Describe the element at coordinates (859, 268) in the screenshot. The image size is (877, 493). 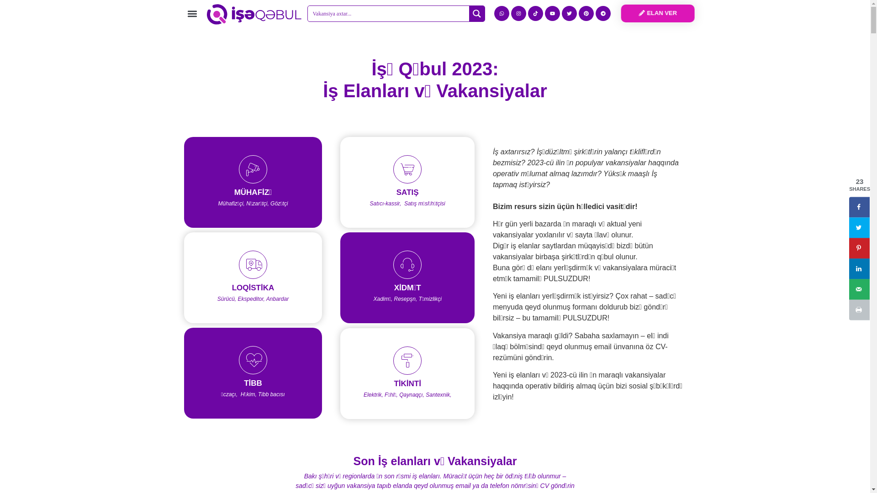
I see `'Share on LinkedIn'` at that location.